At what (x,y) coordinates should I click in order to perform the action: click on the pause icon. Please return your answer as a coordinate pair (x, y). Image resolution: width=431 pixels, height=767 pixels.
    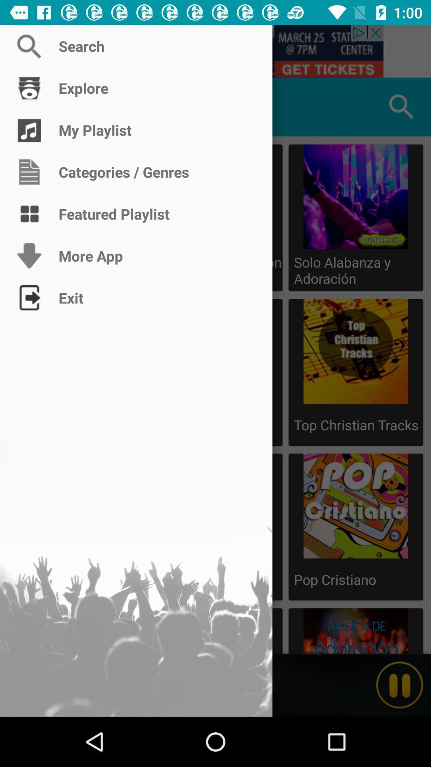
    Looking at the image, I should click on (399, 685).